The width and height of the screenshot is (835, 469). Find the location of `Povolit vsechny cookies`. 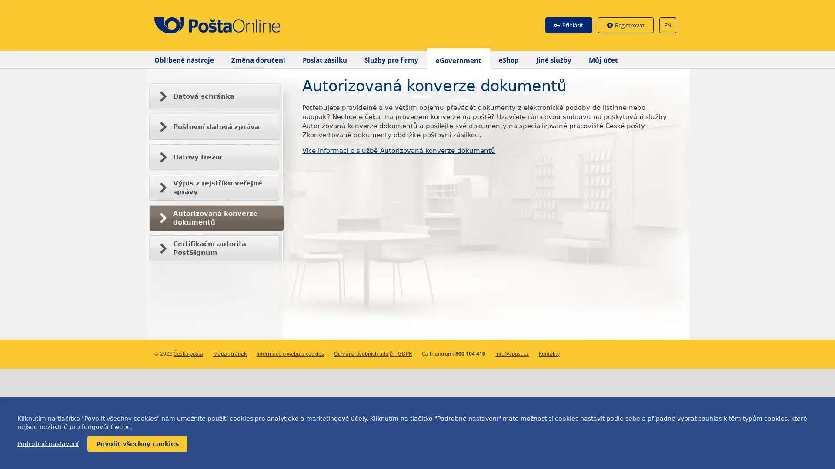

Povolit vsechny cookies is located at coordinates (137, 444).